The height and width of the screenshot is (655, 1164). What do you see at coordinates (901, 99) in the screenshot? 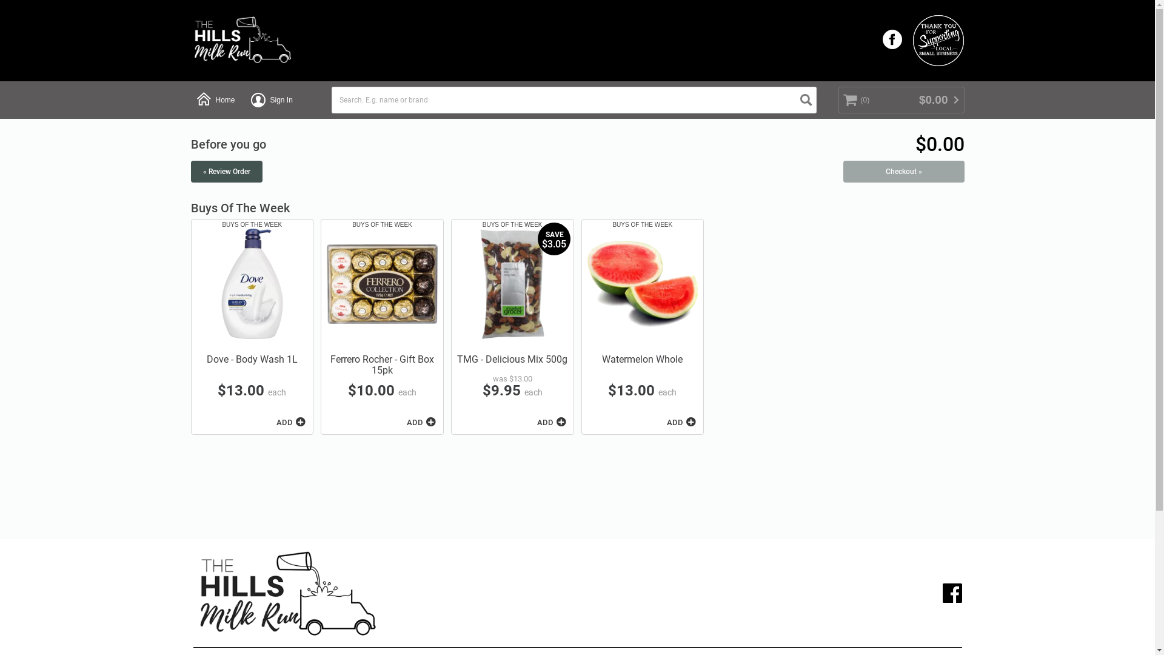
I see `'(0)` at bounding box center [901, 99].